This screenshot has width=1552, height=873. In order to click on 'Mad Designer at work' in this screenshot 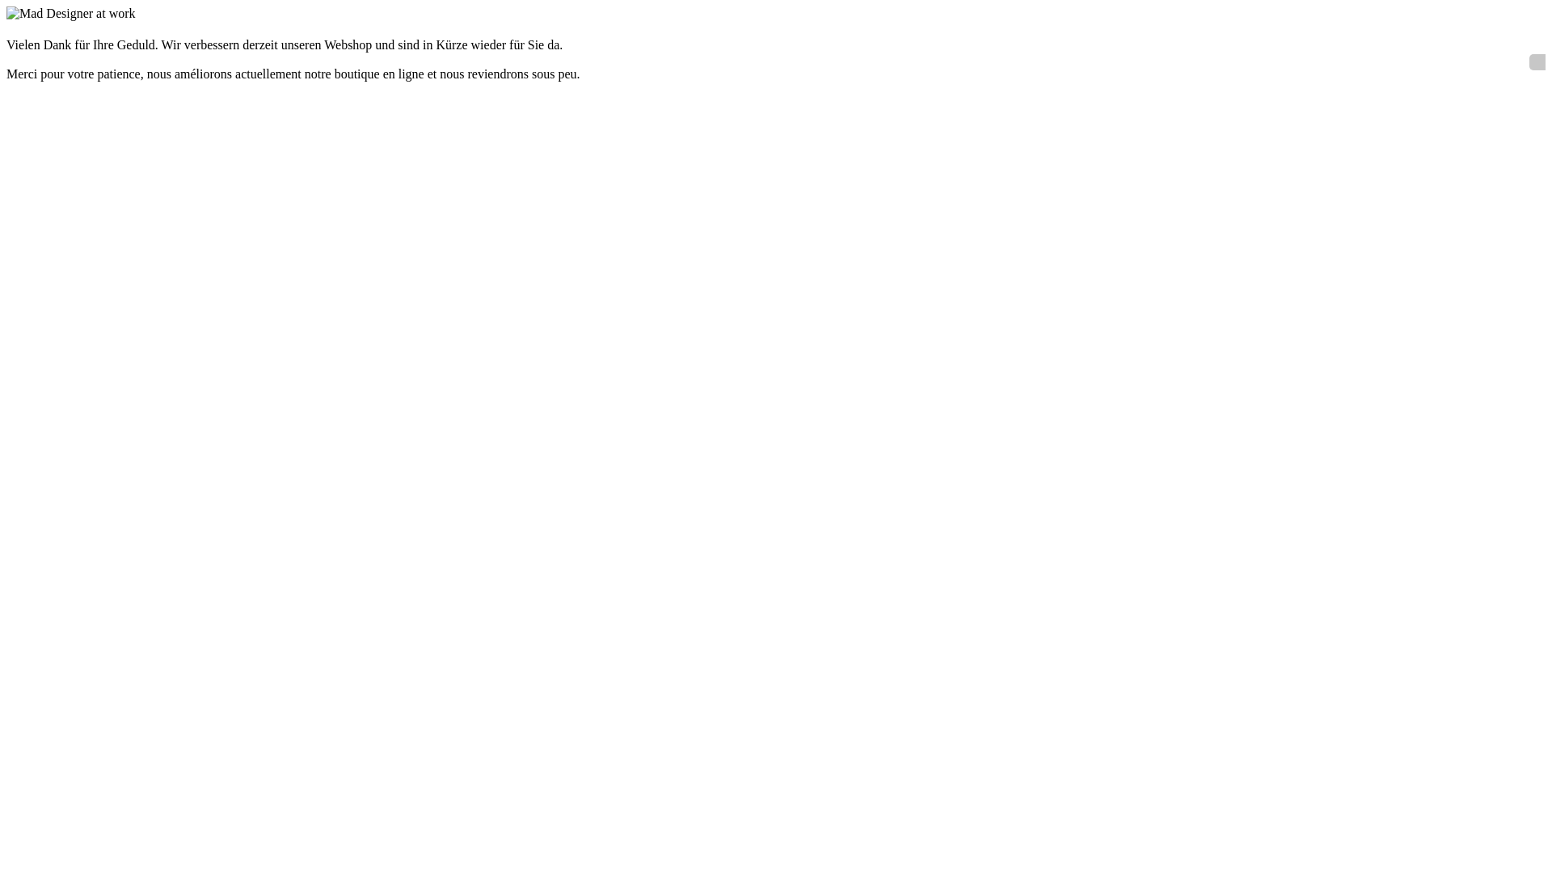, I will do `click(70, 13)`.